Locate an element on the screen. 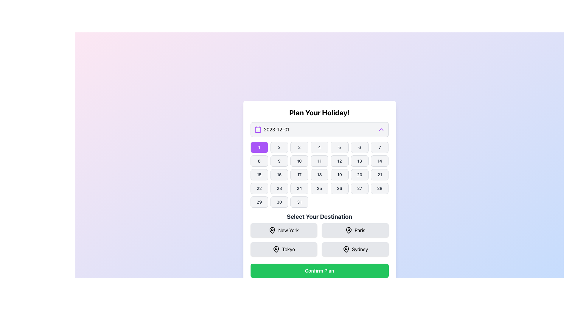 This screenshot has width=572, height=321. the button labeled '2' with a light gray background and bold dark gray text is located at coordinates (279, 147).